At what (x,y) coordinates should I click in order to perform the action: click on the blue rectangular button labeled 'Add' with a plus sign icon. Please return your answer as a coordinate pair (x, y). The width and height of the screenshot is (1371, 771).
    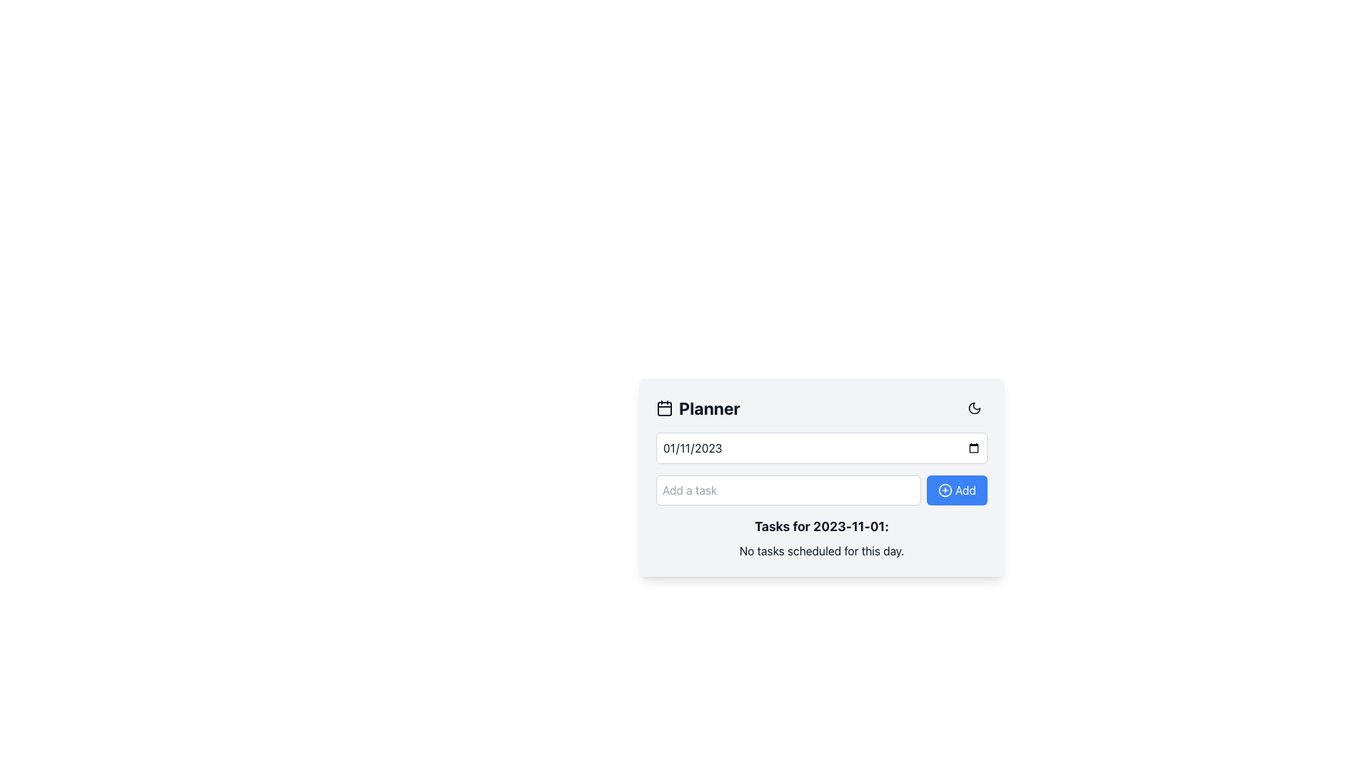
    Looking at the image, I should click on (957, 489).